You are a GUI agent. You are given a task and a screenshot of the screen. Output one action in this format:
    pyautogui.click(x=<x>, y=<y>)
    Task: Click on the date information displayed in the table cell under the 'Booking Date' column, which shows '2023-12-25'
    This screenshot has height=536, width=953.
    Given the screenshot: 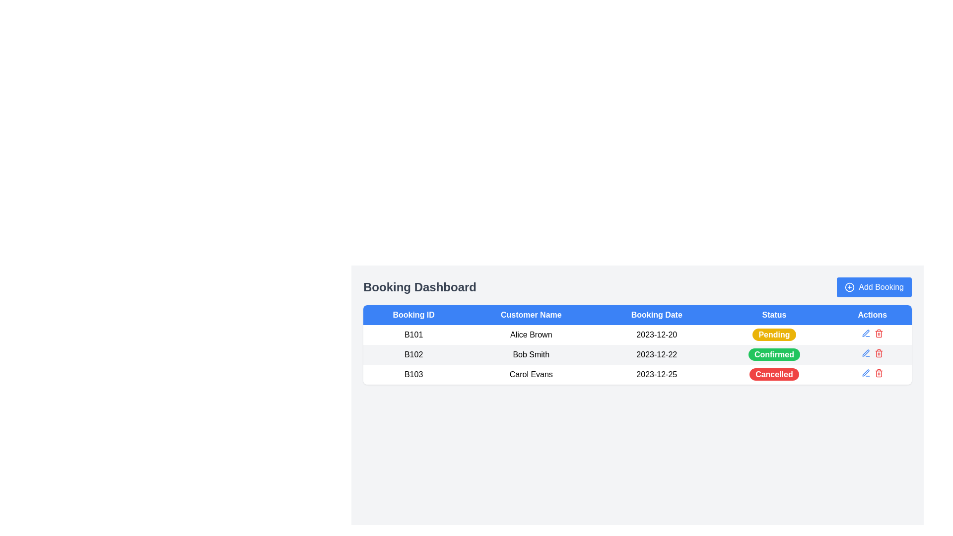 What is the action you would take?
    pyautogui.click(x=657, y=375)
    